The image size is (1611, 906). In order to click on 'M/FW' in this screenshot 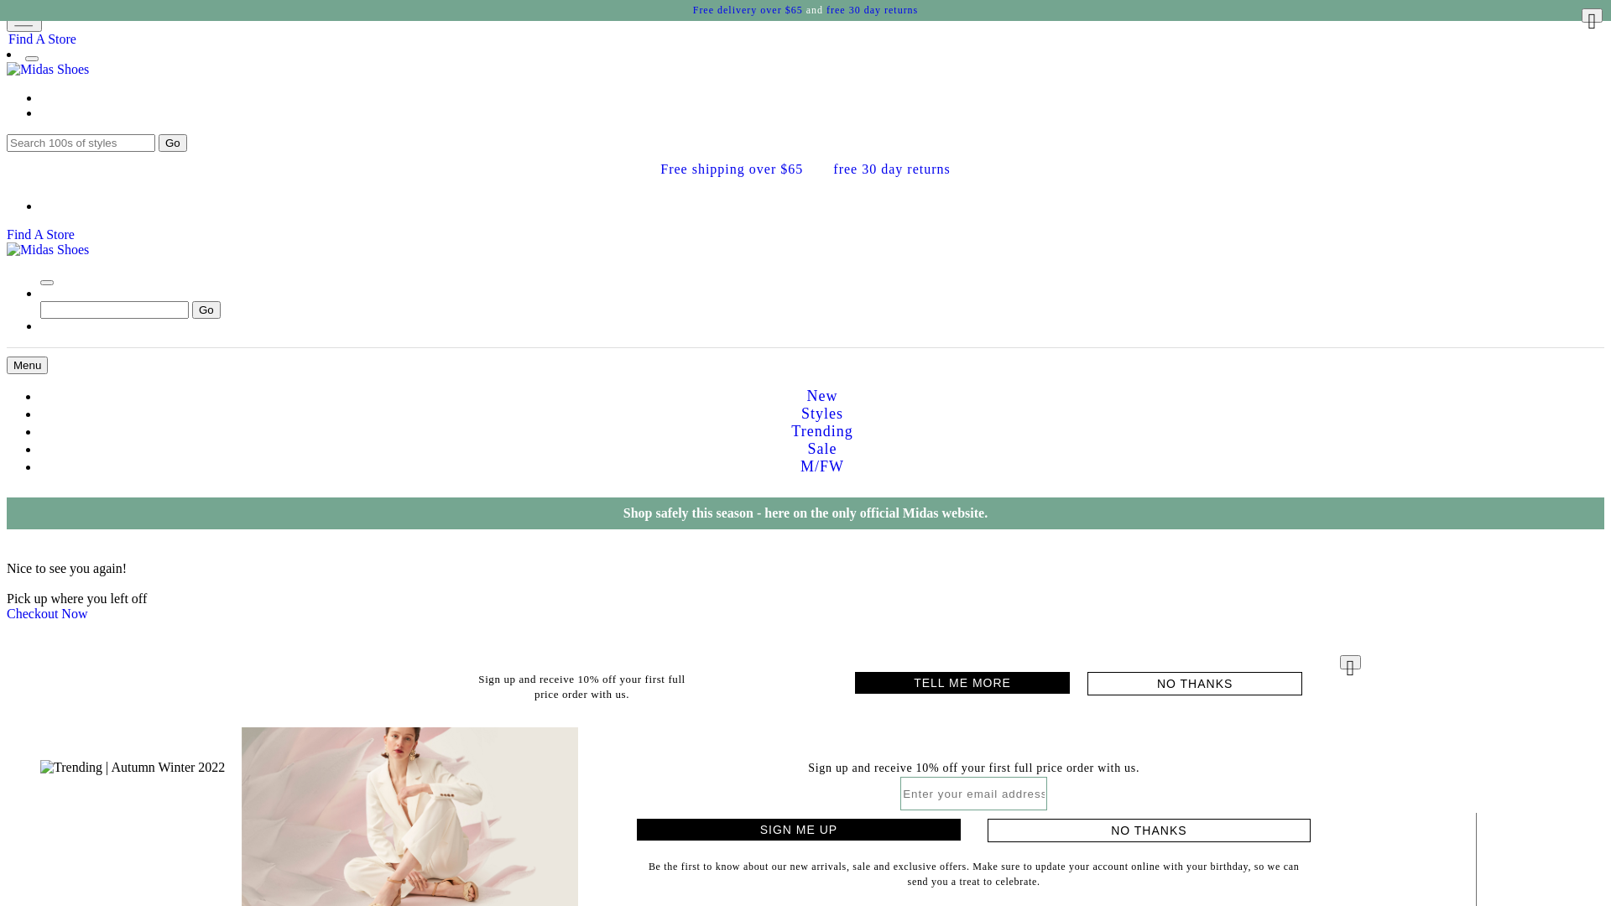, I will do `click(821, 466)`.